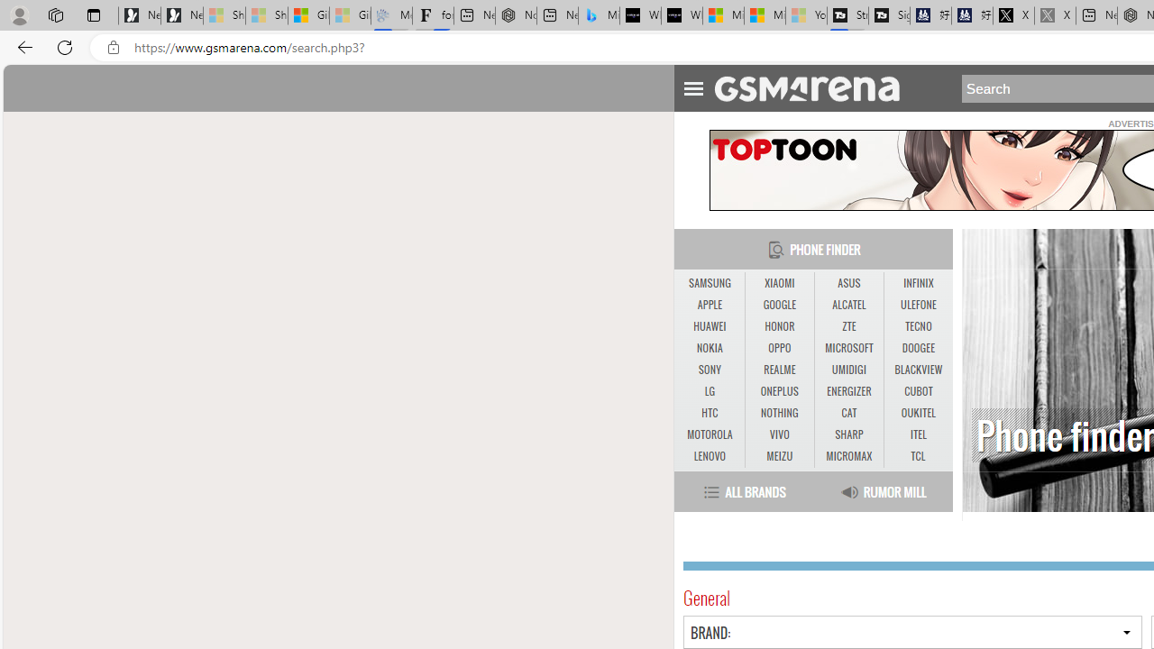 Image resolution: width=1154 pixels, height=649 pixels. What do you see at coordinates (709, 284) in the screenshot?
I see `'SAMSUNG'` at bounding box center [709, 284].